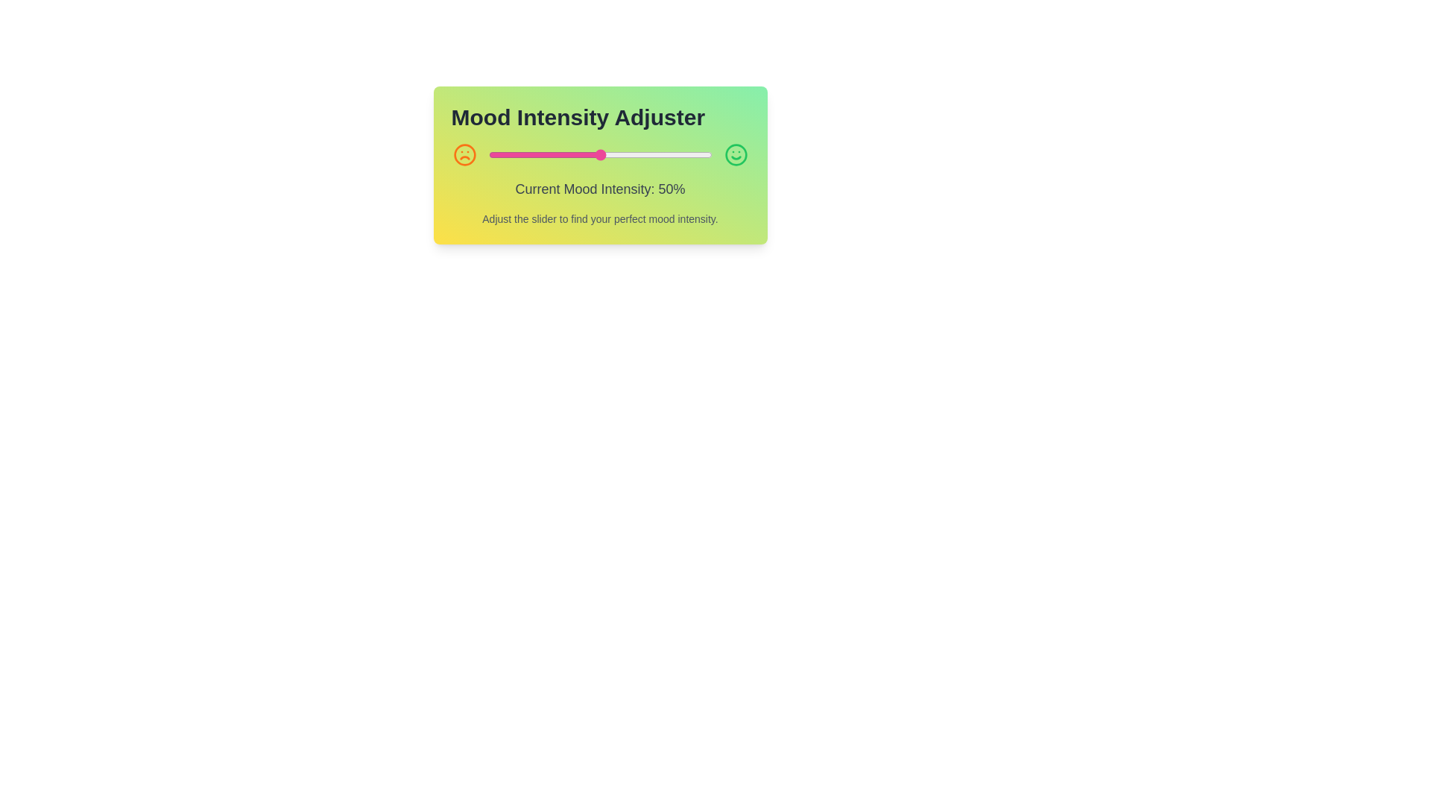 The image size is (1431, 805). Describe the element at coordinates (575, 155) in the screenshot. I see `the mood intensity slider to 39% by dragging the slider handle` at that location.